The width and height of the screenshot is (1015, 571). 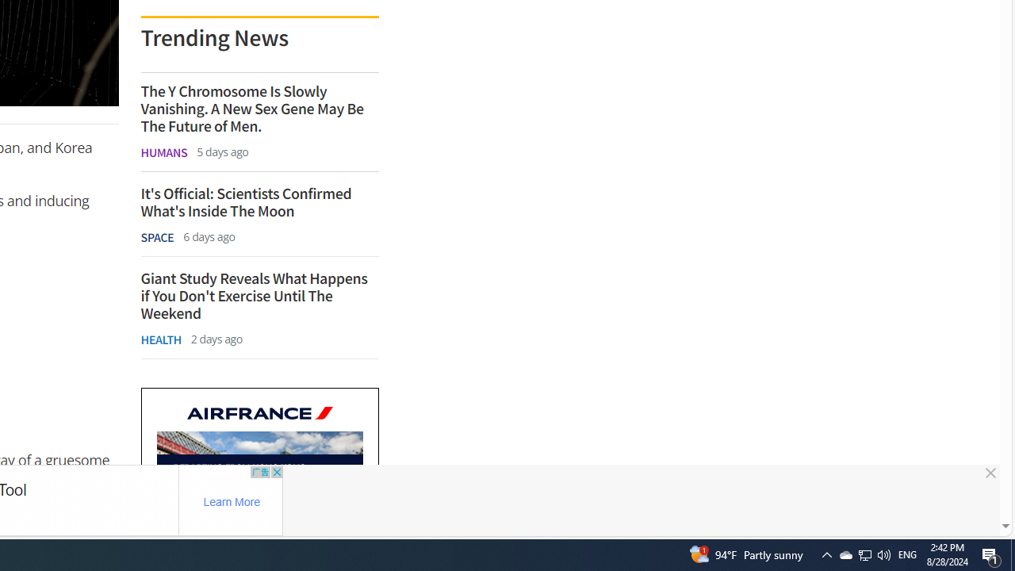 What do you see at coordinates (259, 201) in the screenshot?
I see `'It'` at bounding box center [259, 201].